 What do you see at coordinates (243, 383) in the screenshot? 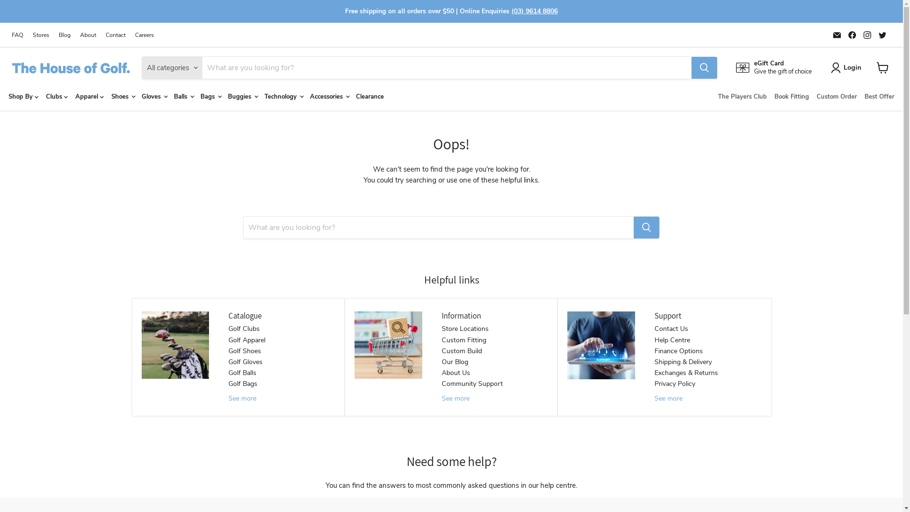
I see `'Golf Bags'` at bounding box center [243, 383].